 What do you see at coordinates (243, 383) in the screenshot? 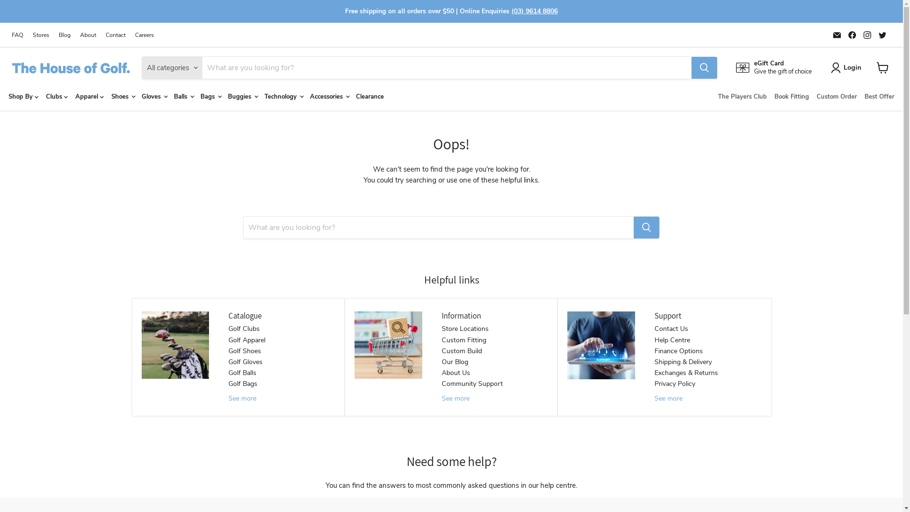
I see `'Golf Bags'` at bounding box center [243, 383].